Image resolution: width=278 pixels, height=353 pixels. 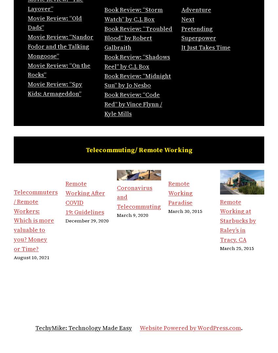 What do you see at coordinates (83, 327) in the screenshot?
I see `'TechyMike: Technology Made Easy'` at bounding box center [83, 327].